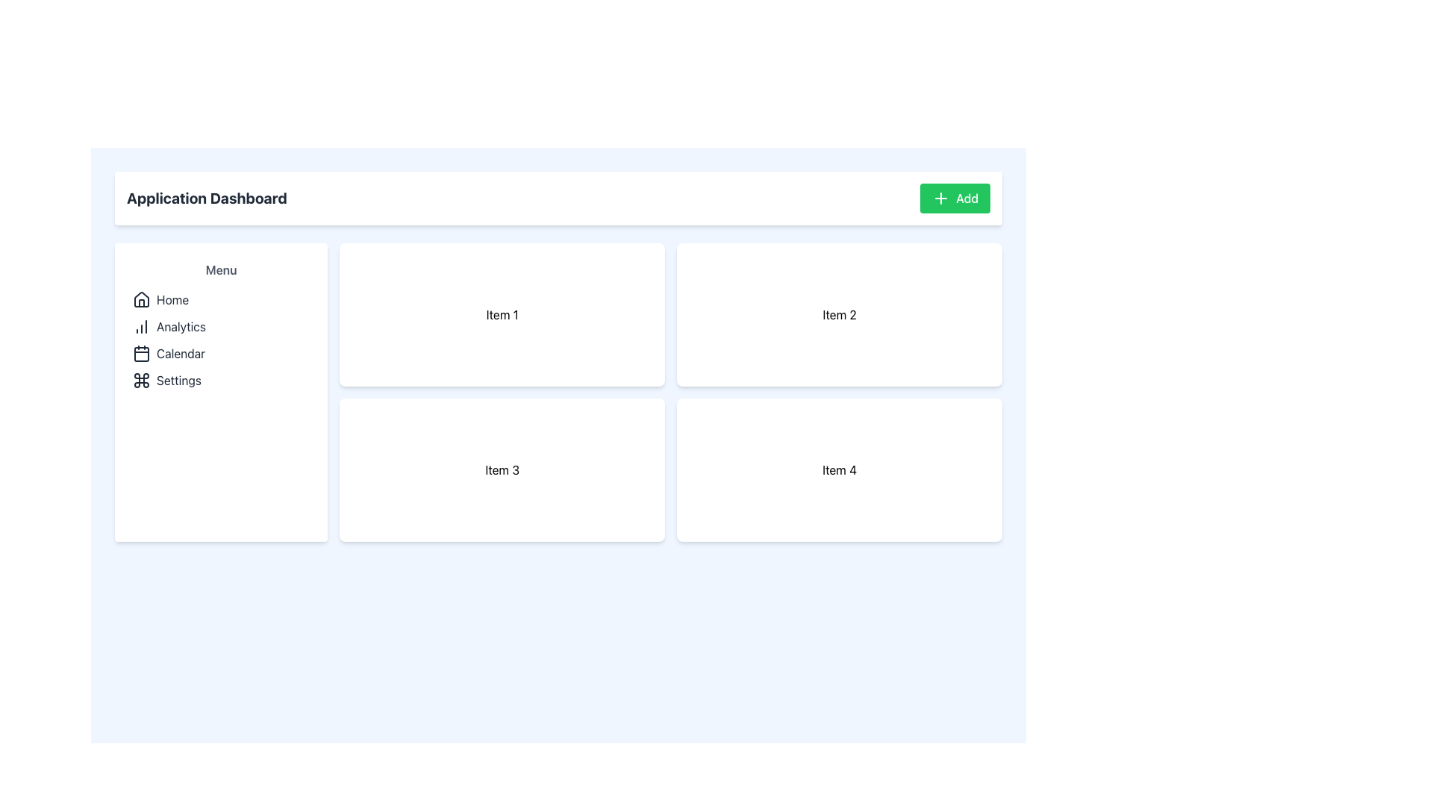  Describe the element at coordinates (940, 198) in the screenshot. I see `the '+' icon located inside the 'Add' button, which has a green background and a white crosshair mark` at that location.